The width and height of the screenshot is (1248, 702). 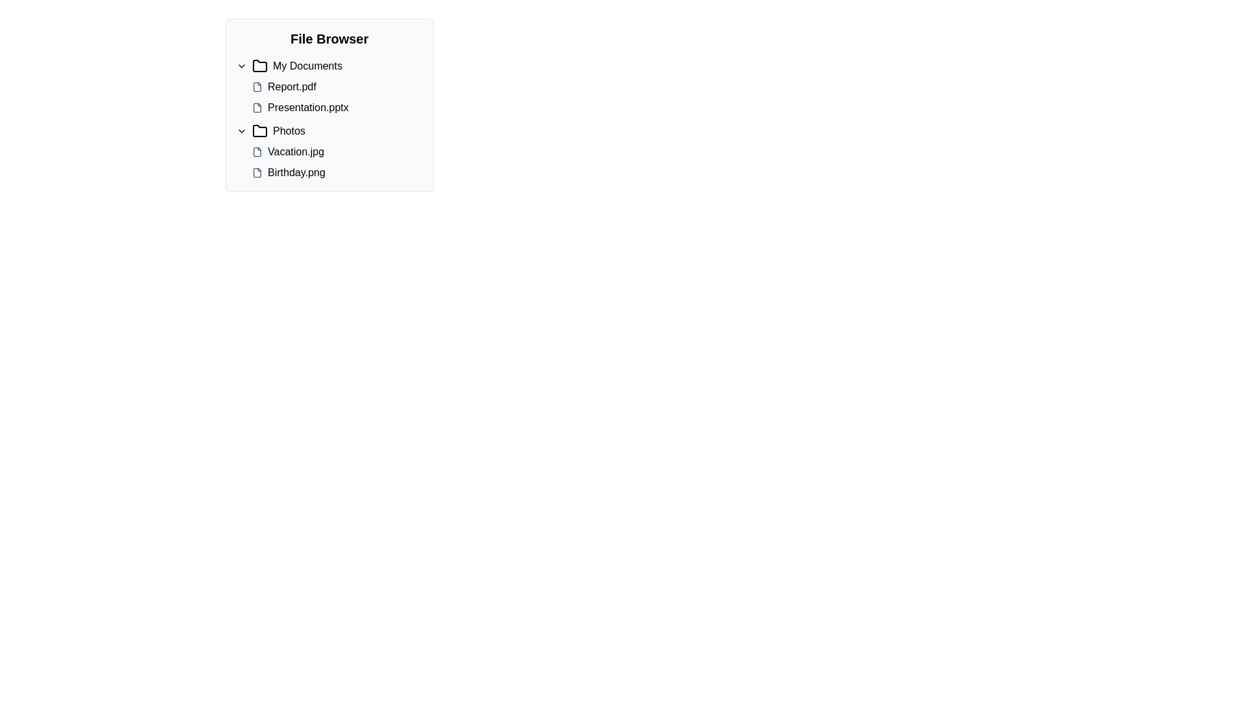 What do you see at coordinates (257, 107) in the screenshot?
I see `the document file icon, which has a minimalistic design and is located` at bounding box center [257, 107].